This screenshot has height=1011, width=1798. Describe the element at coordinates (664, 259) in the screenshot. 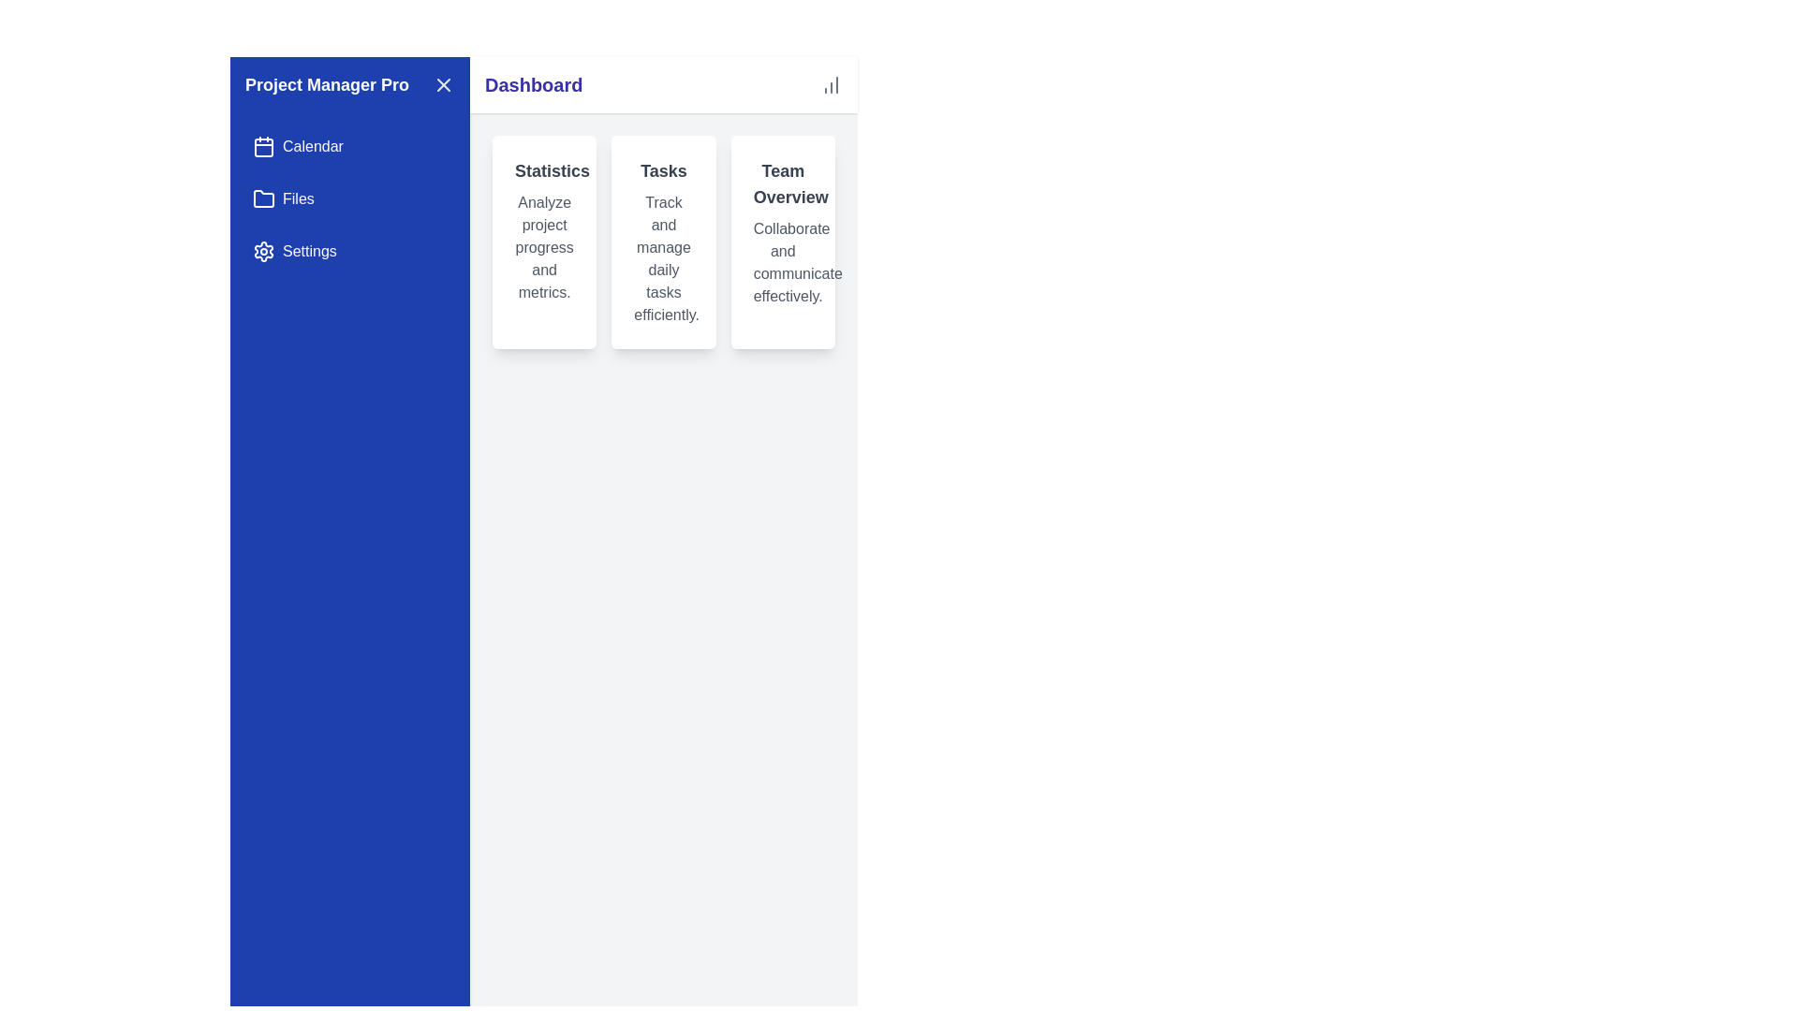

I see `the text block displaying the phrase 'Track and manage daily tasks efficiently.' which is located within the 'Tasks' card, positioned between the 'Statistics' and 'Team Overview' cards` at that location.